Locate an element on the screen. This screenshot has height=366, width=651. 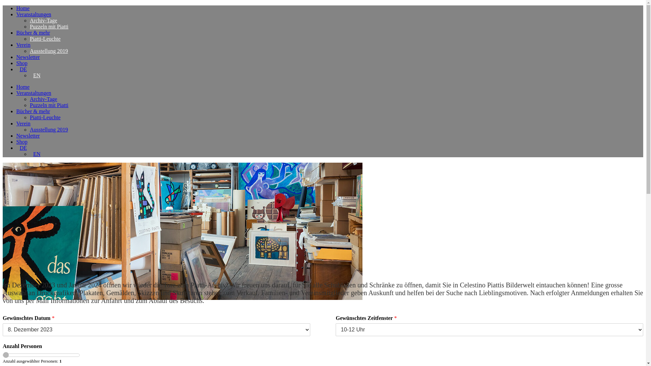
'Newsletter' is located at coordinates (27, 57).